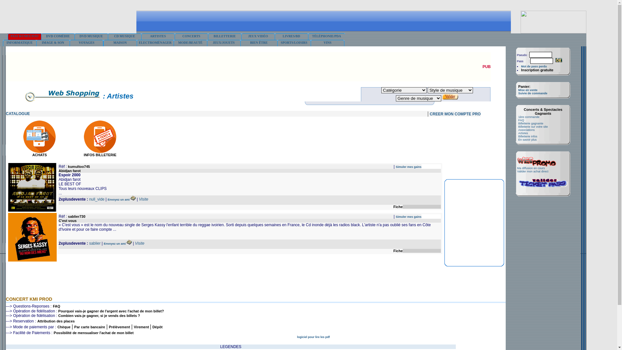  Describe the element at coordinates (526, 130) in the screenshot. I see `'Associations'` at that location.